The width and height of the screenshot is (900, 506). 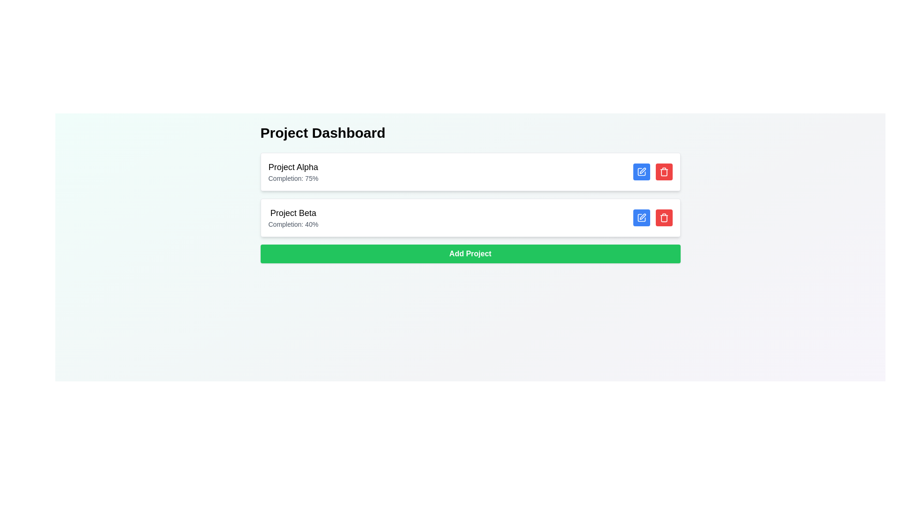 I want to click on the second red trash icon button in the action buttons of the 'Project Beta' card, so click(x=663, y=218).